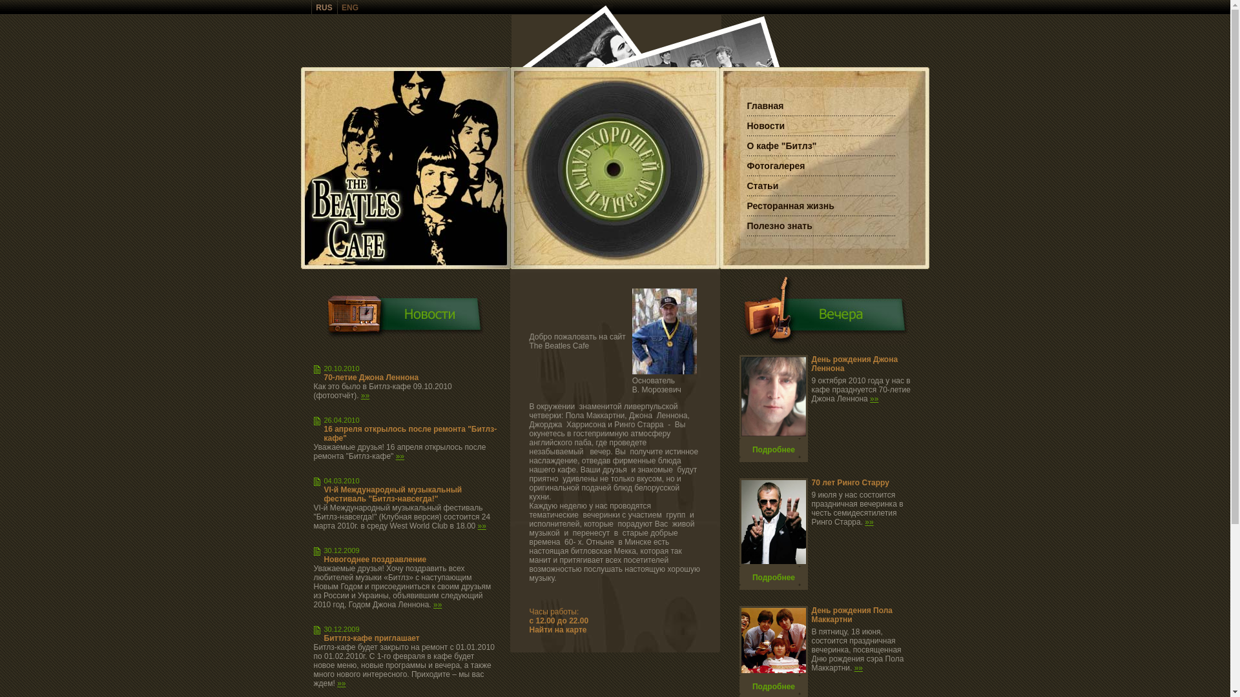  What do you see at coordinates (342, 629) in the screenshot?
I see `'30.12.2009'` at bounding box center [342, 629].